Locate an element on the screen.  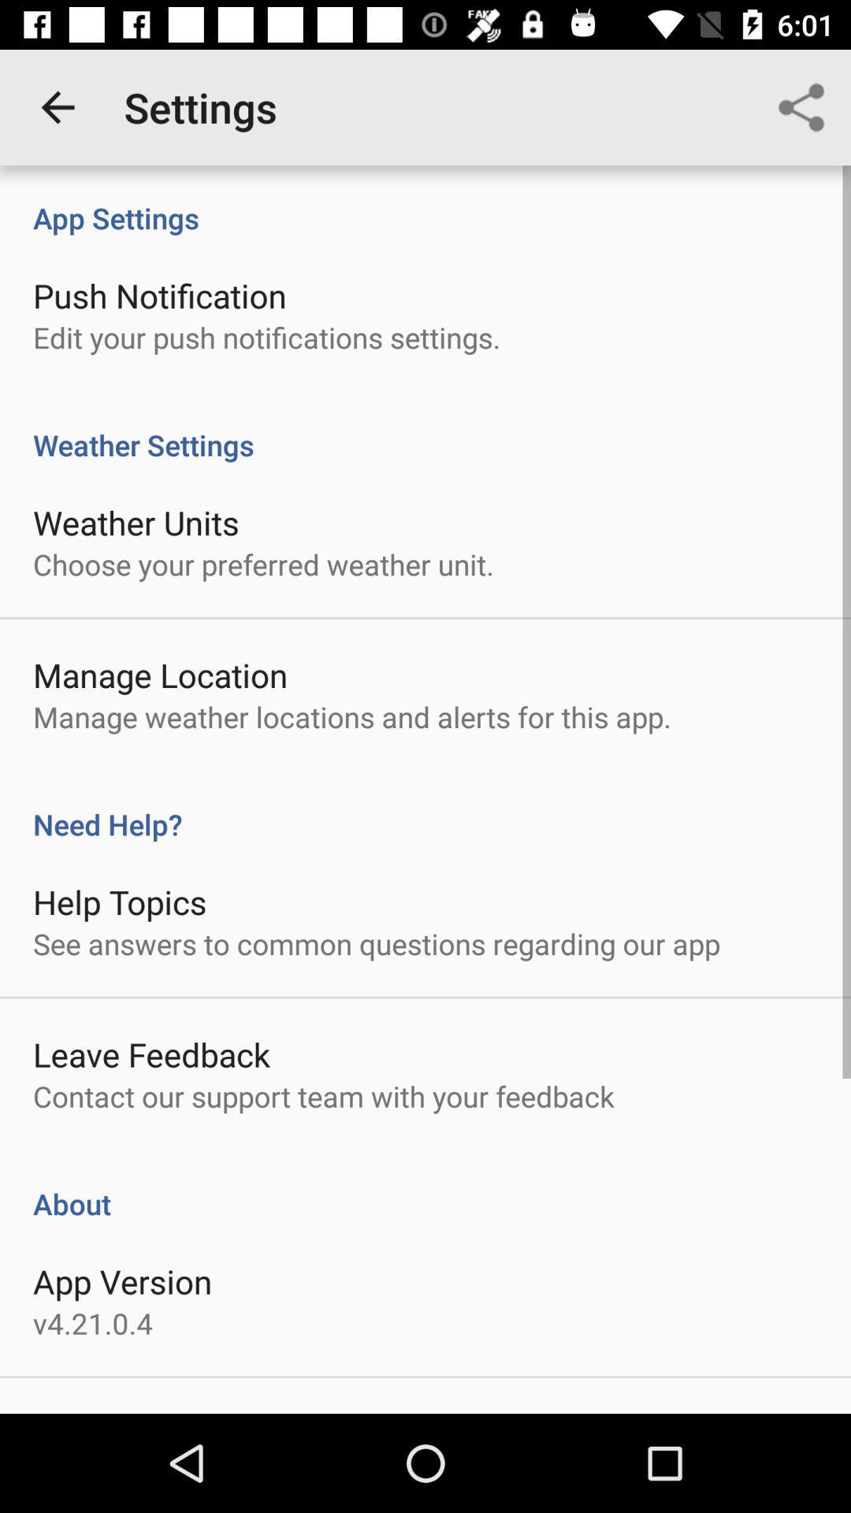
item below help topics icon is located at coordinates (377, 943).